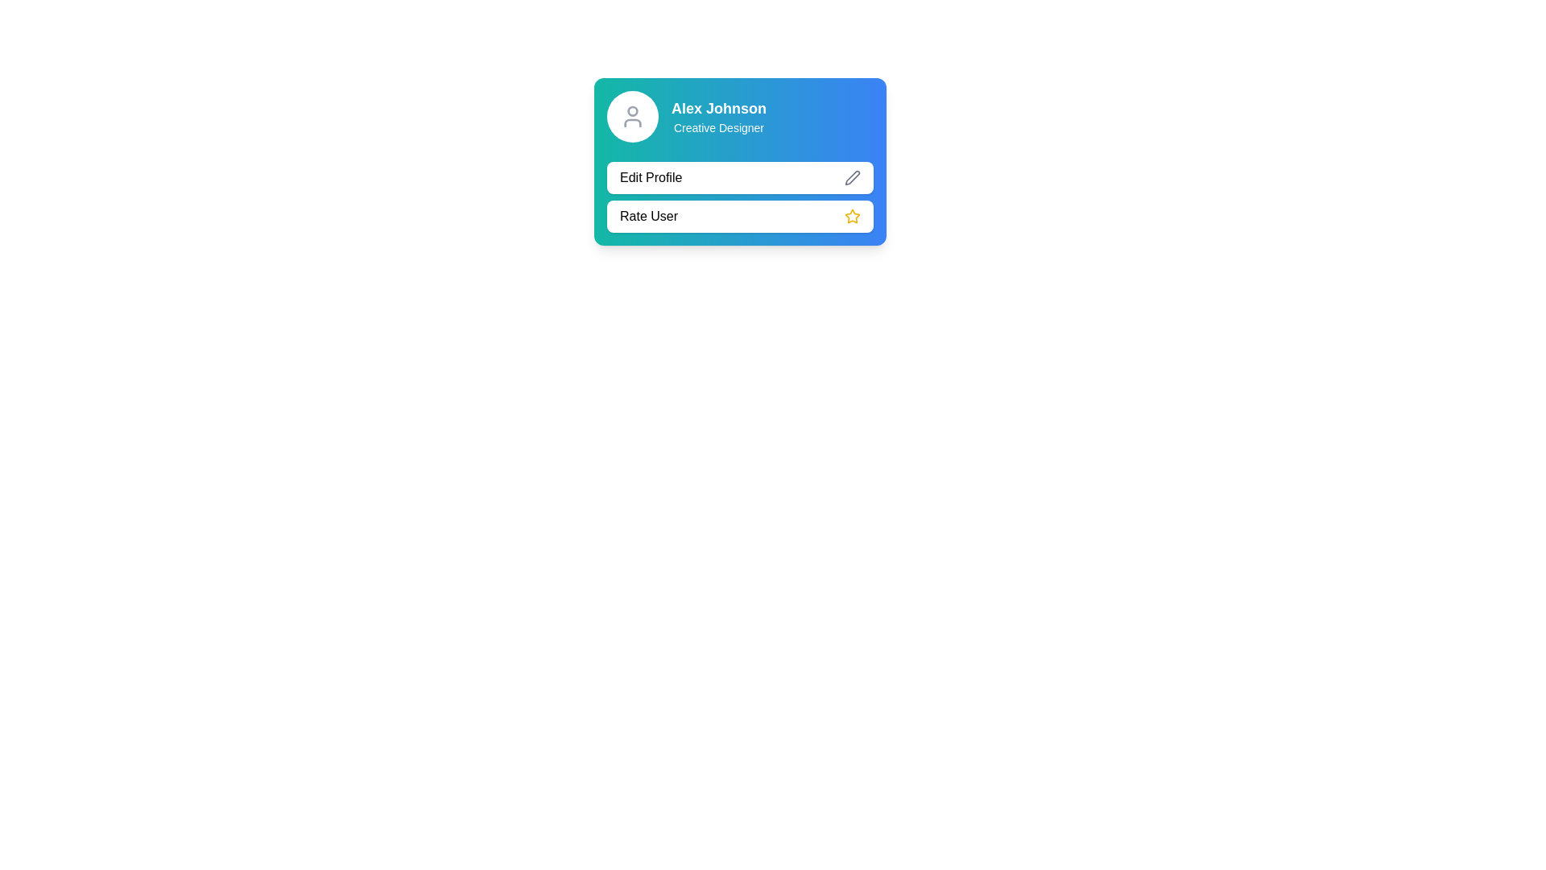  Describe the element at coordinates (717, 109) in the screenshot. I see `the text label displaying 'Alex Johnson' in bold, white font against a gradient blue-green background, located near the upper portion of a rectangular card interface` at that location.